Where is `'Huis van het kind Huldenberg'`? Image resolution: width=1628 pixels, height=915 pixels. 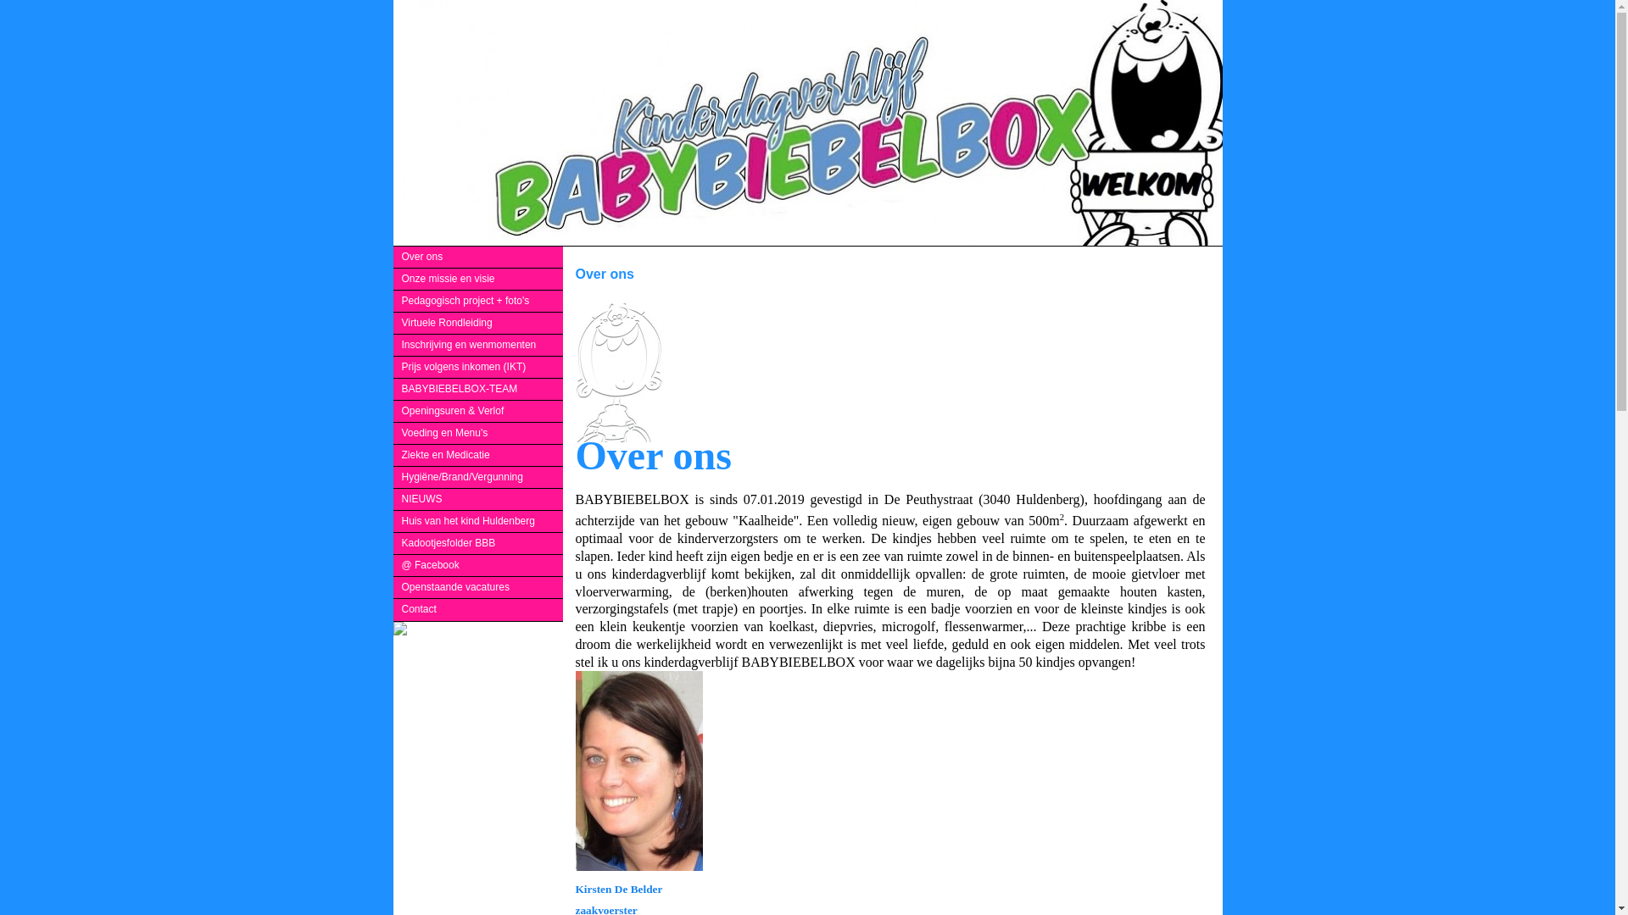
'Huis van het kind Huldenberg' is located at coordinates (477, 520).